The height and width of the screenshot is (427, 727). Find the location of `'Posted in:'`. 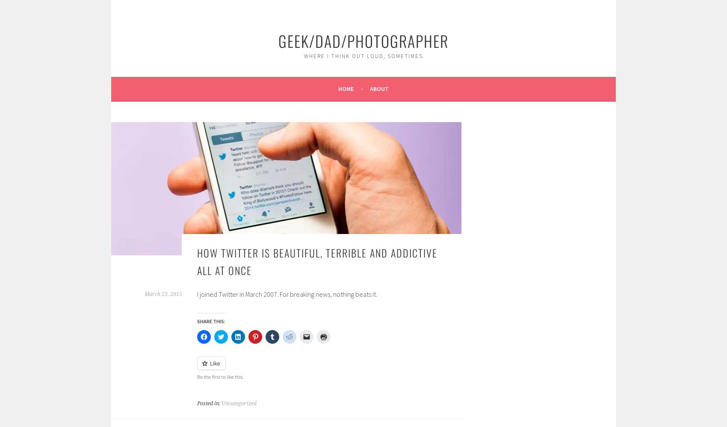

'Posted in:' is located at coordinates (209, 403).